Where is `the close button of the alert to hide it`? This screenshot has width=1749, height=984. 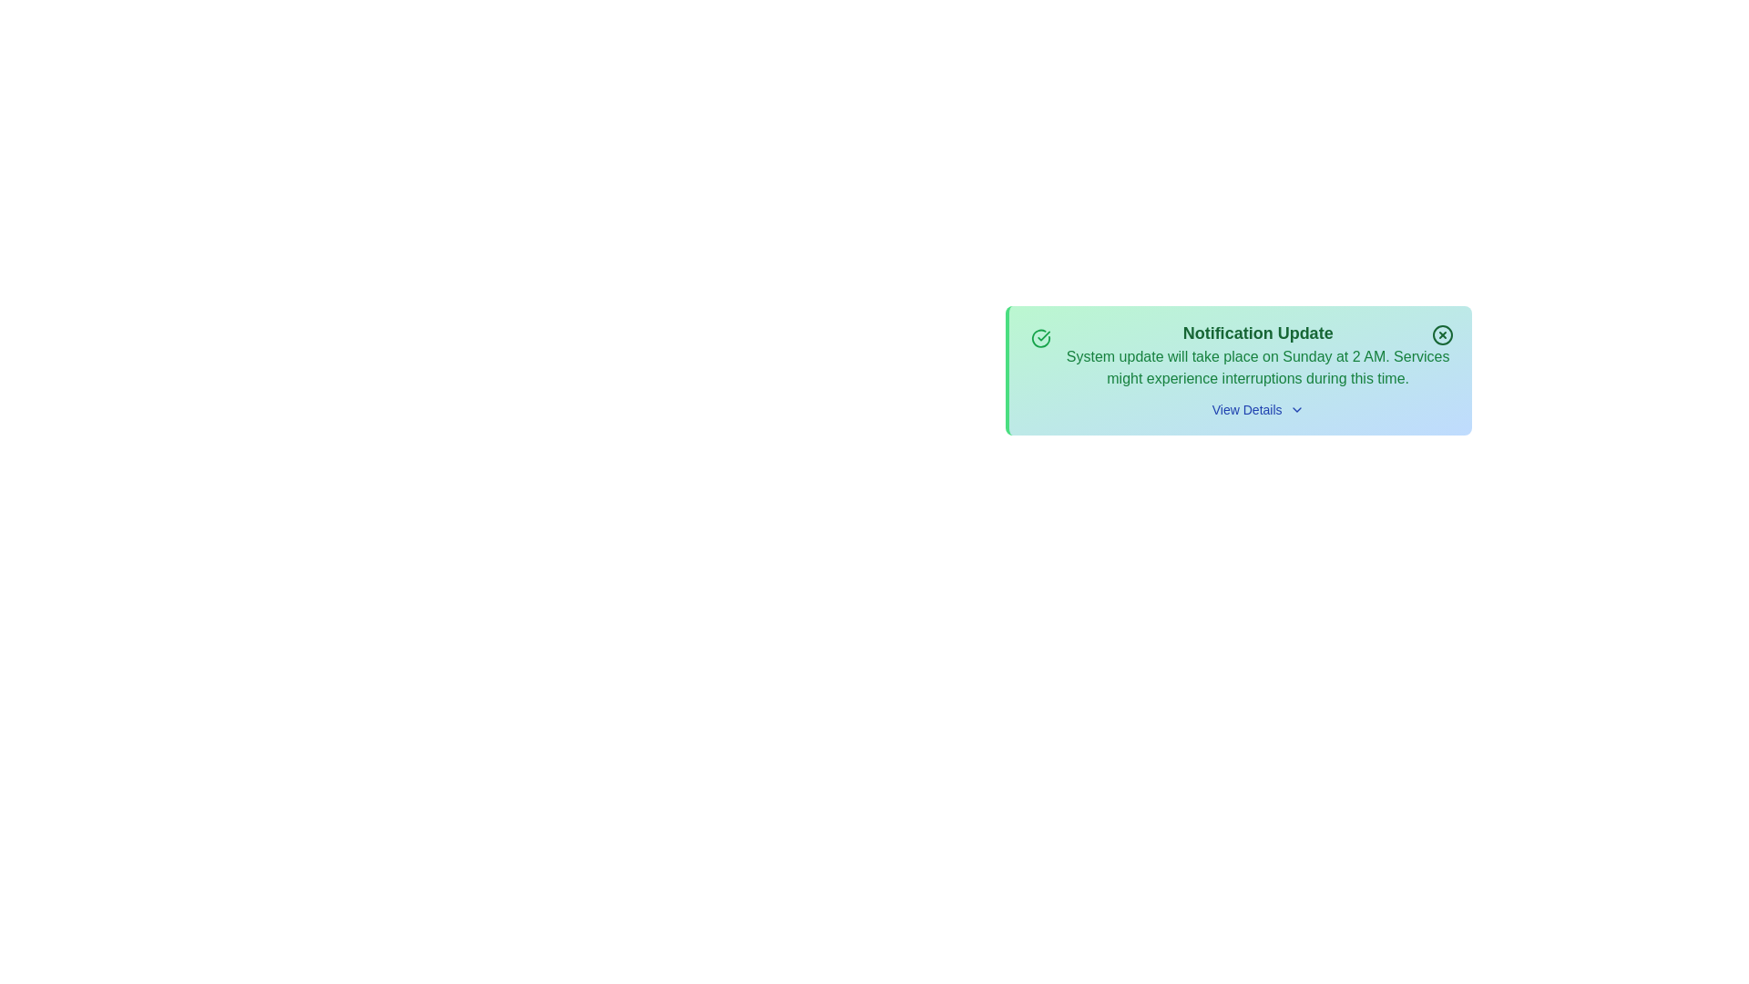 the close button of the alert to hide it is located at coordinates (1442, 334).